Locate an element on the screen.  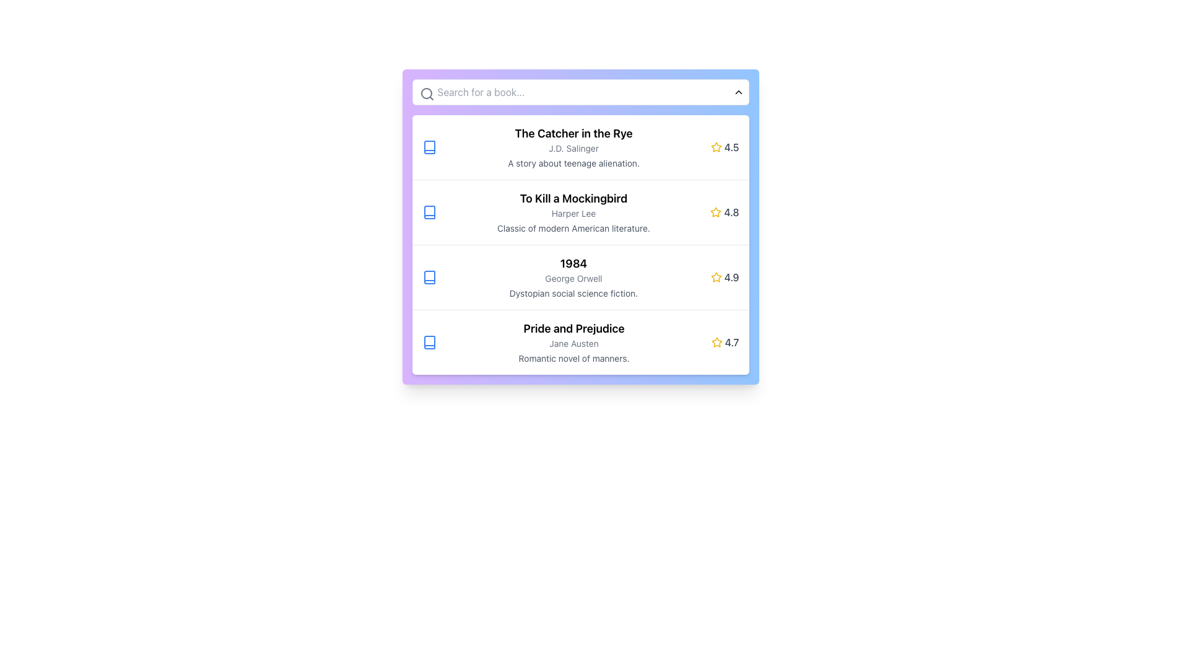
description text located in the text label beneath the title 'To Kill a Mockingbird' and author 'Harper Lee' within the book entry card is located at coordinates (573, 229).